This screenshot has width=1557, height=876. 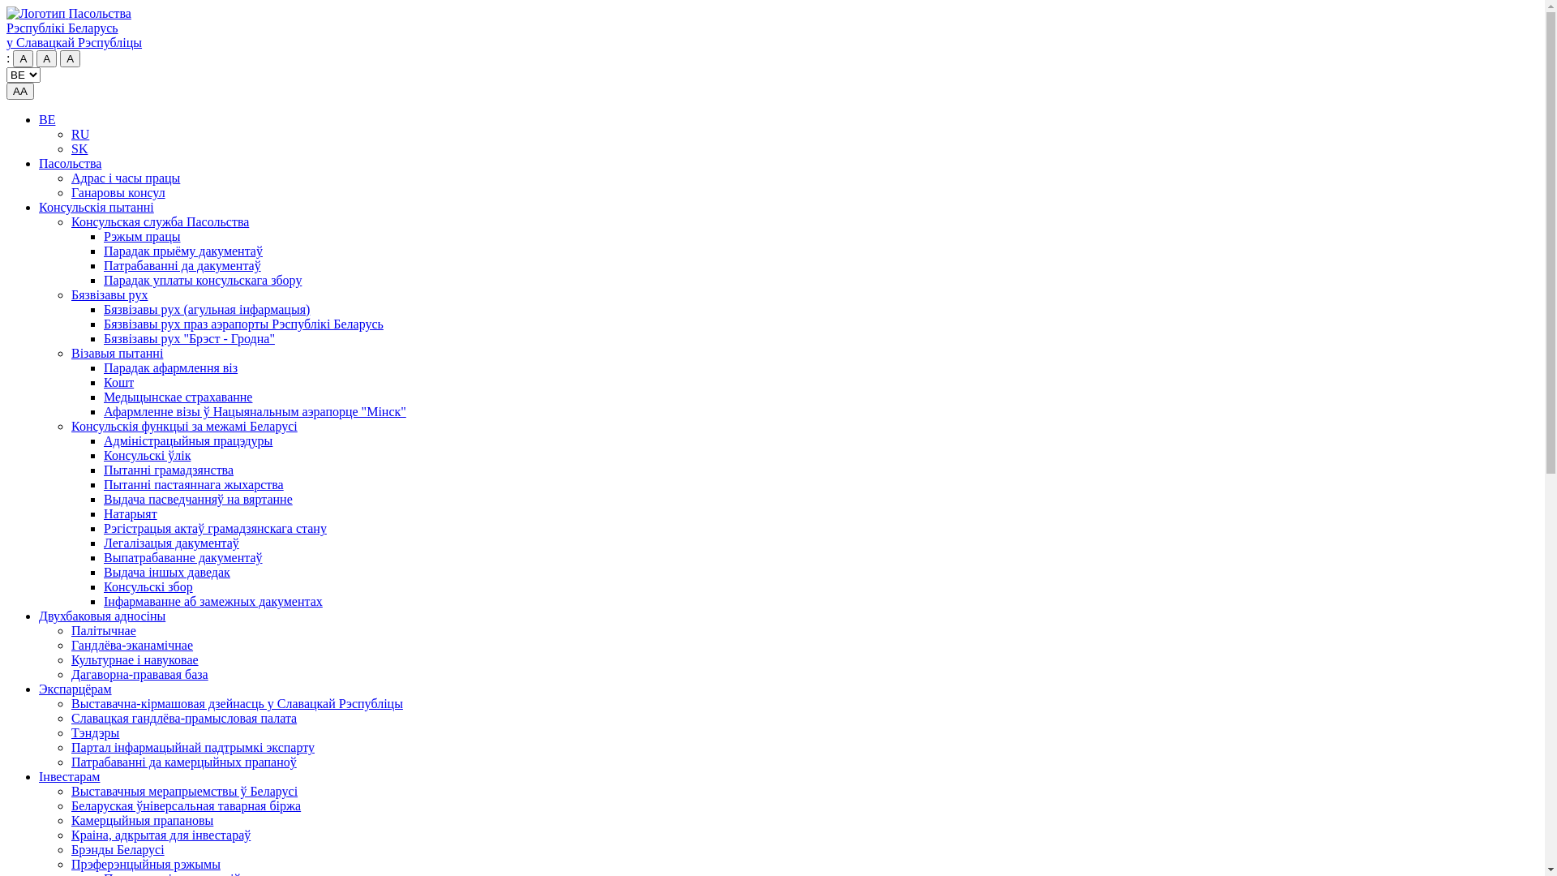 What do you see at coordinates (78, 148) in the screenshot?
I see `'SK'` at bounding box center [78, 148].